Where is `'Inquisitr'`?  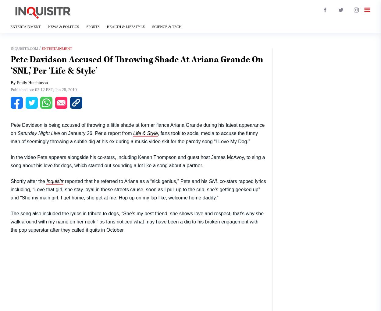
'Inquisitr' is located at coordinates (55, 181).